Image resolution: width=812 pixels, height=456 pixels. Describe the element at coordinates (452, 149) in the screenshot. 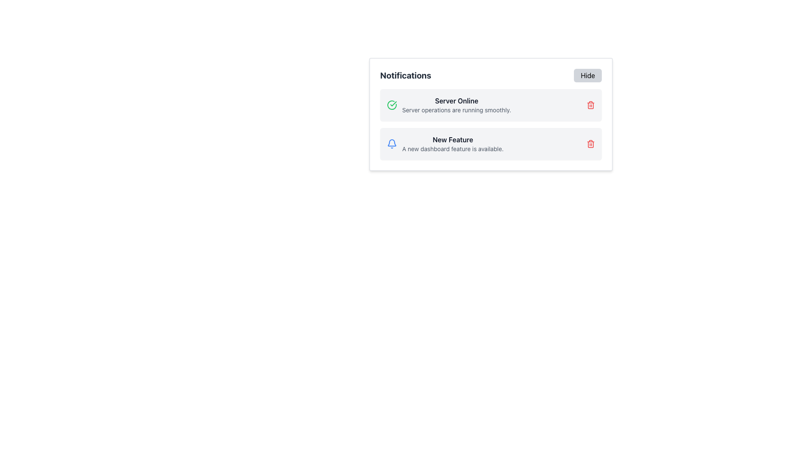

I see `additional information text located beneath the 'New Feature' heading in the notification card, which is positioned below the 'Server Online' notification` at that location.